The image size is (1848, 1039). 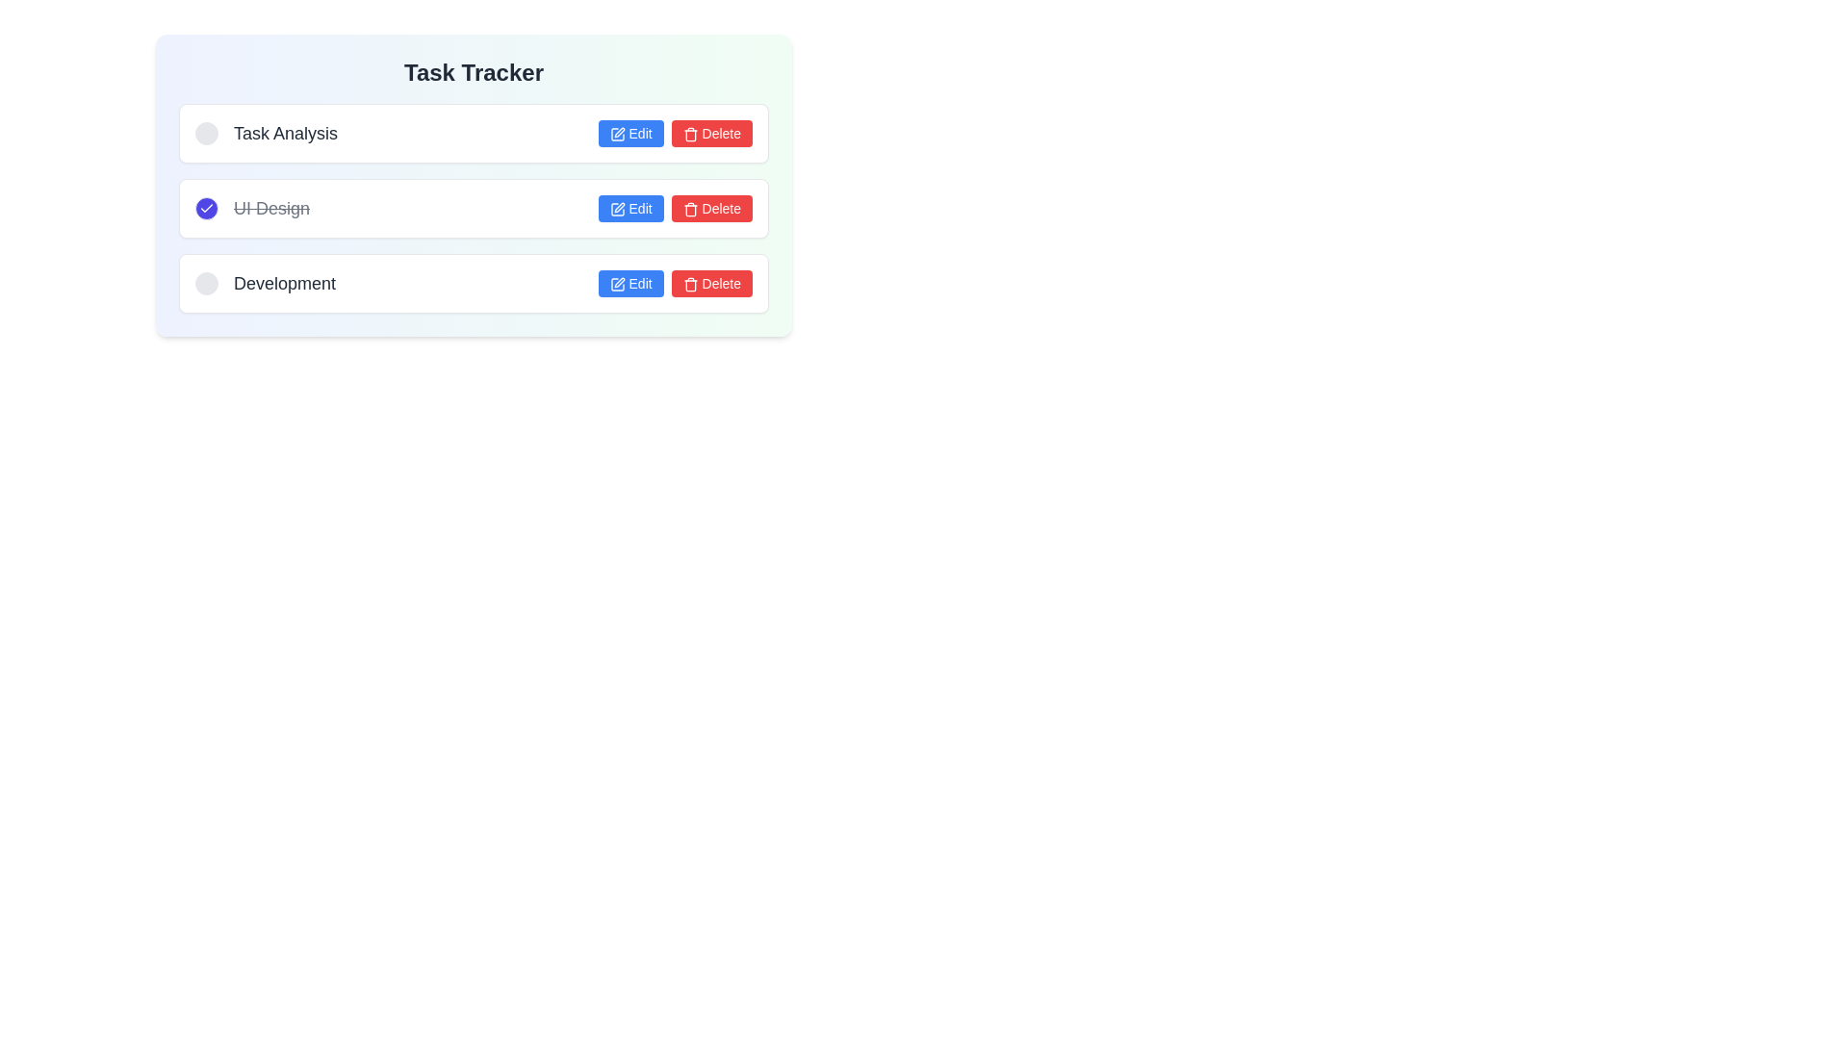 What do you see at coordinates (690, 210) in the screenshot?
I see `the red trash bin icon located at the start of the 'Delete' button, which is the second control in the row related to the 'UI Design' task entry` at bounding box center [690, 210].